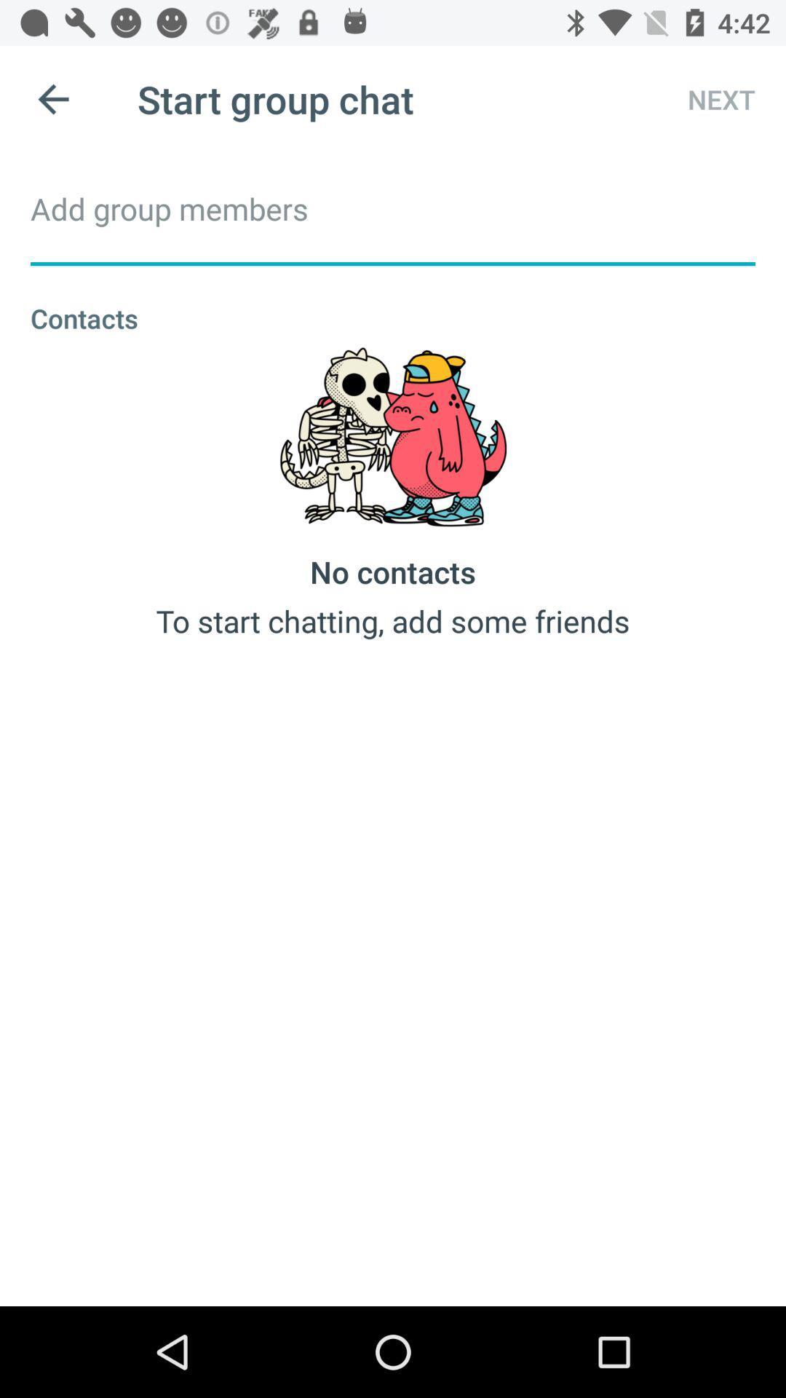 This screenshot has height=1398, width=786. I want to click on icon to the right of the start group chat icon, so click(707, 98).